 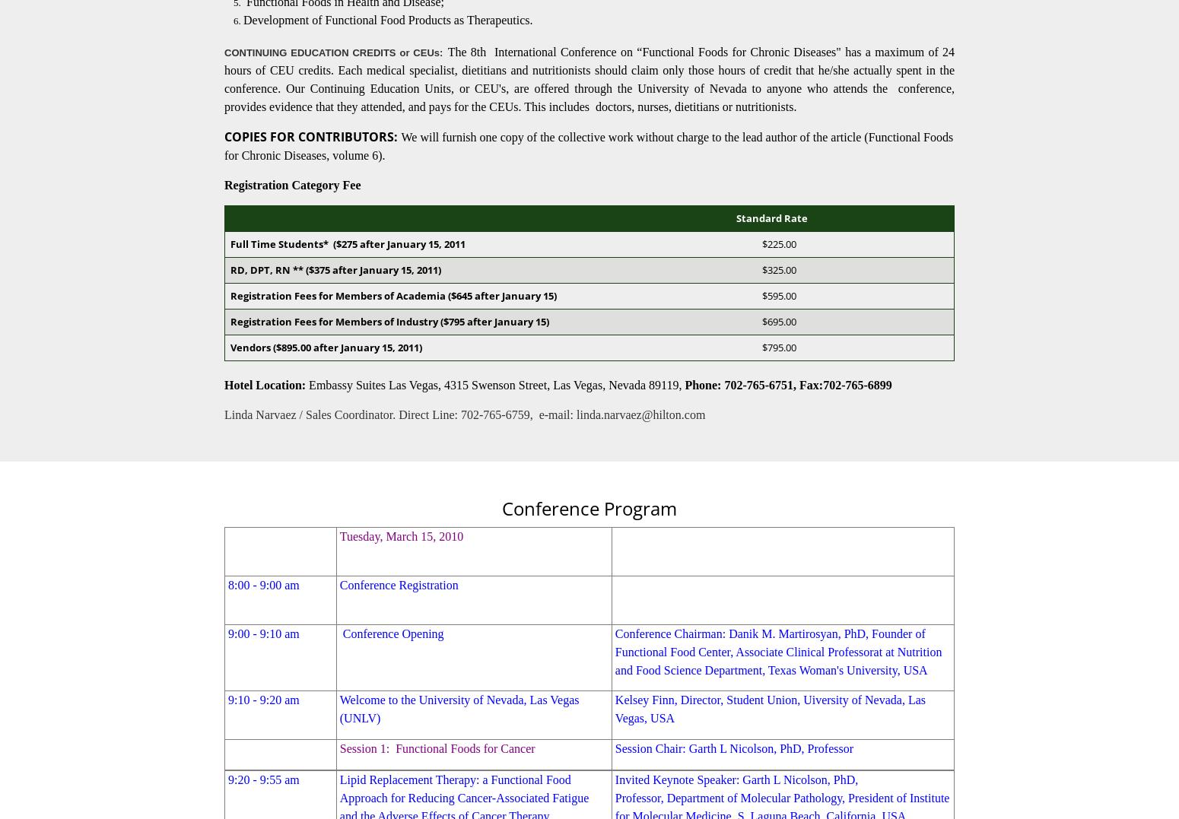 What do you see at coordinates (844, 383) in the screenshot?
I see `'Fax:702-765-6899'` at bounding box center [844, 383].